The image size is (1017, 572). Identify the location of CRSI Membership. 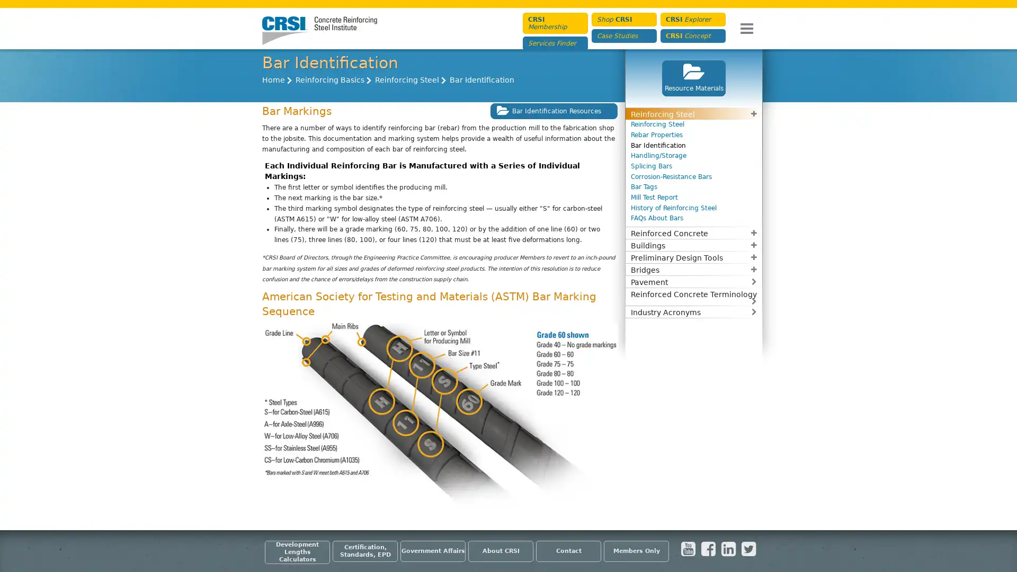
(555, 23).